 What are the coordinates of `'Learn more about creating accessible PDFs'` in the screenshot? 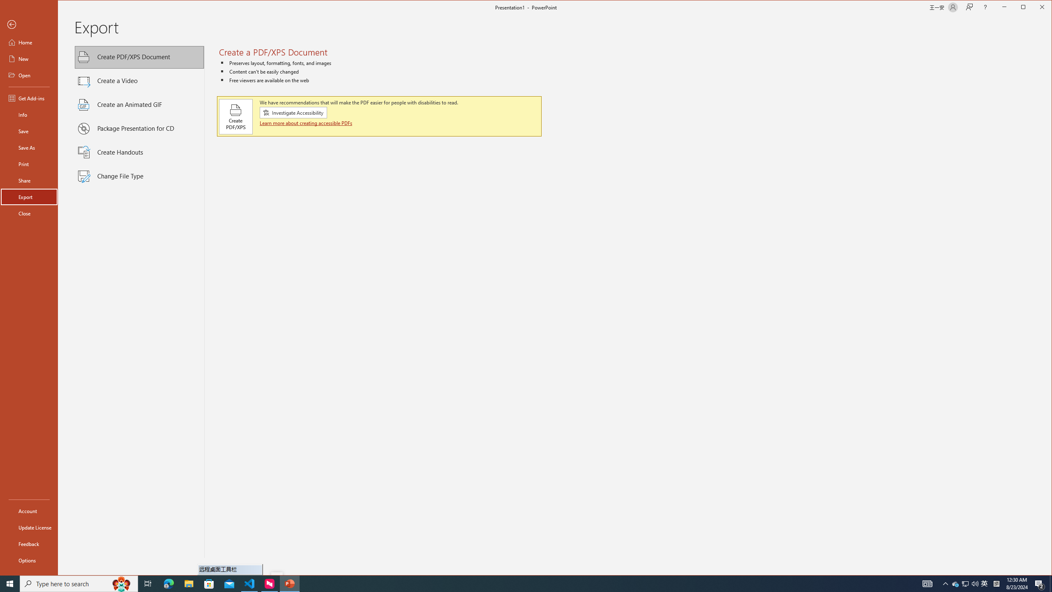 It's located at (306, 123).